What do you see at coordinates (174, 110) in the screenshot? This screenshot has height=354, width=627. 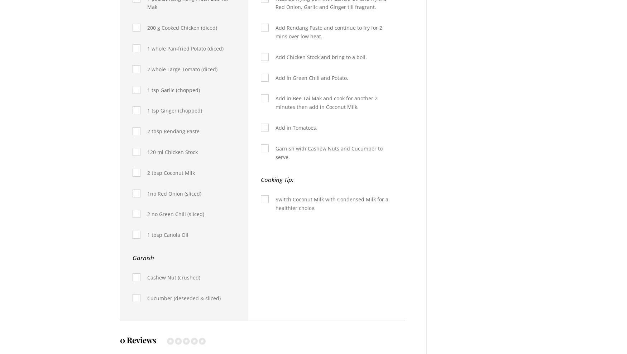 I see `'1 tsp Ginger (chopped)'` at bounding box center [174, 110].